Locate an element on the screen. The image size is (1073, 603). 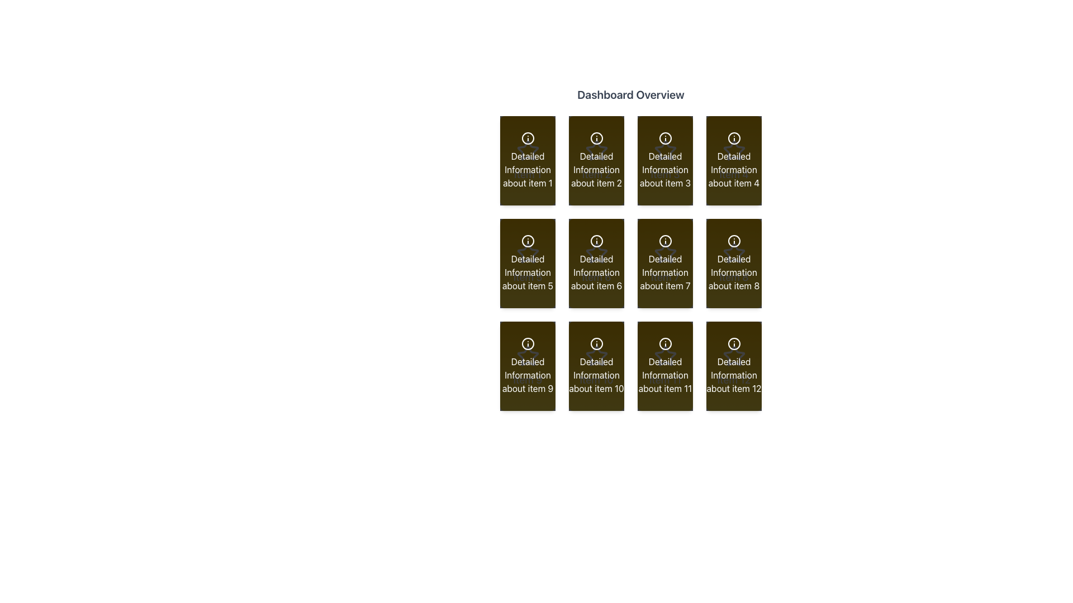
the Circular SVG element, which is a thin-bordered circle representing informational content, located in the top row, fourth column of the Dashboard Overview grid is located at coordinates (734, 137).